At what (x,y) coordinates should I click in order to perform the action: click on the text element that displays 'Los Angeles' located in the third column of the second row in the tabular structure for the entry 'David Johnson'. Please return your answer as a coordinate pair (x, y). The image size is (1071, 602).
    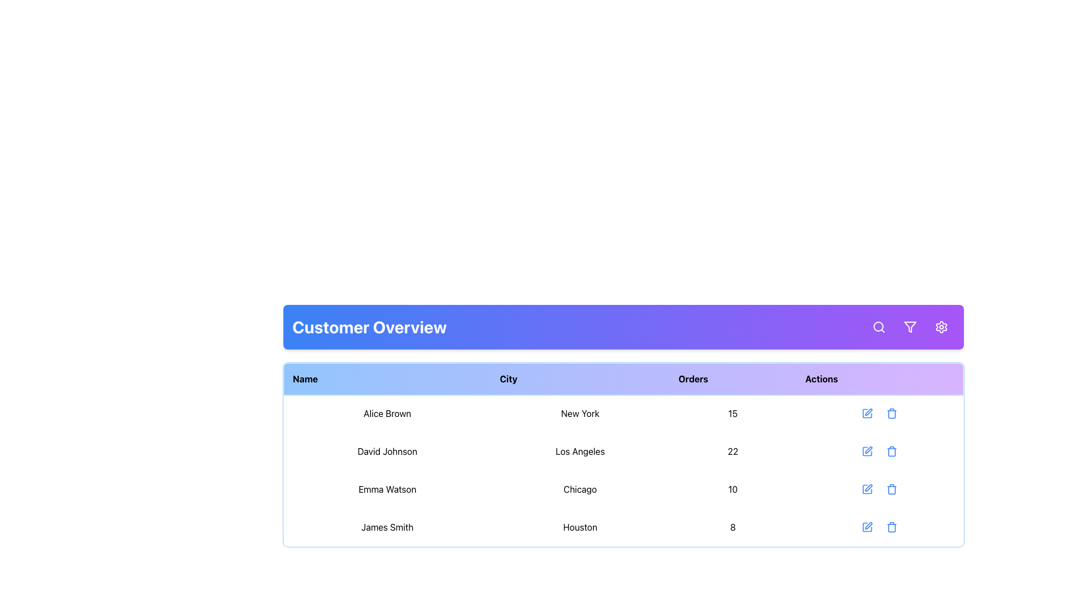
    Looking at the image, I should click on (580, 452).